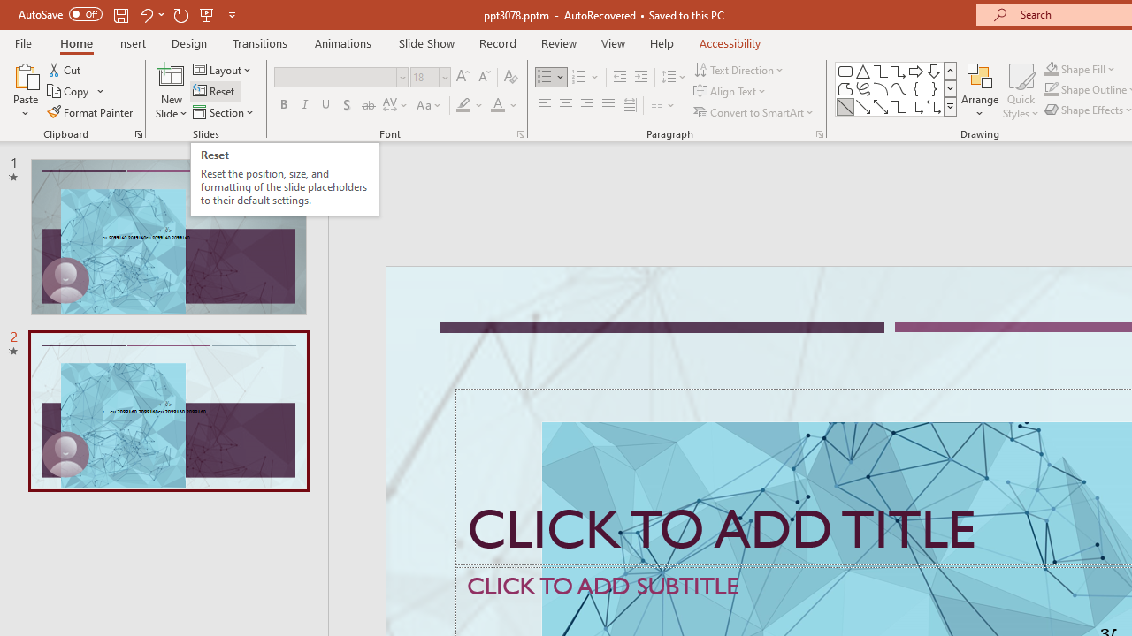  Describe the element at coordinates (462, 76) in the screenshot. I see `'Increase Font Size'` at that location.